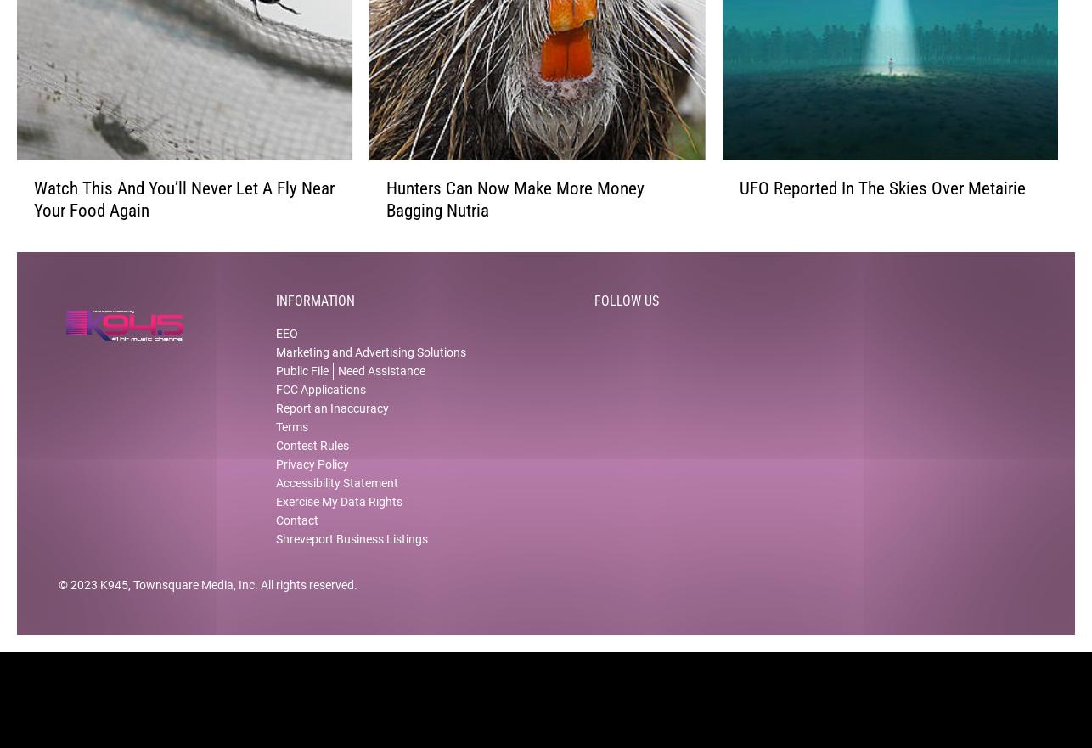 Image resolution: width=1092 pixels, height=748 pixels. I want to click on 'Marketing and Advertising Solutions', so click(369, 366).